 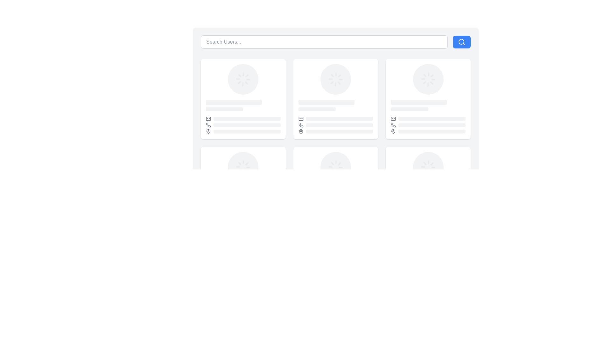 What do you see at coordinates (326, 102) in the screenshot?
I see `the loading placeholder bar element, which is a horizontal rectangular bar with rounded corners and a light gray color, indicating a loading state with an animated pulsing effect` at bounding box center [326, 102].